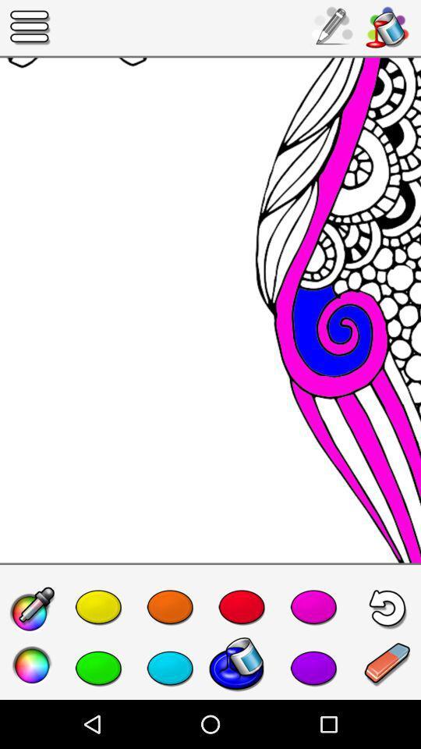 The height and width of the screenshot is (749, 421). What do you see at coordinates (30, 27) in the screenshot?
I see `the menu icon` at bounding box center [30, 27].